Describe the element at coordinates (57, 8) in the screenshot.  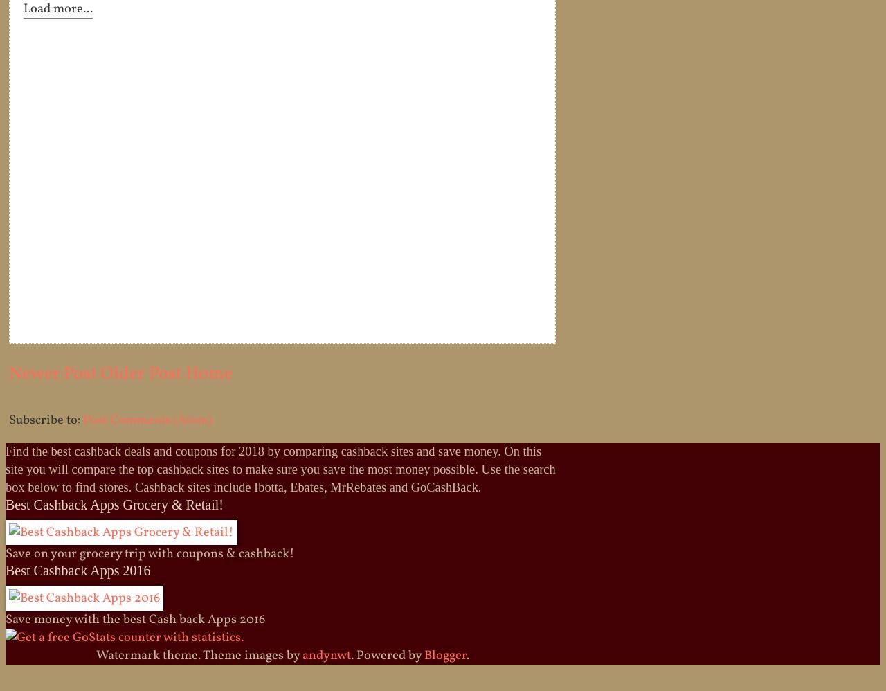
I see `'Load more...'` at that location.